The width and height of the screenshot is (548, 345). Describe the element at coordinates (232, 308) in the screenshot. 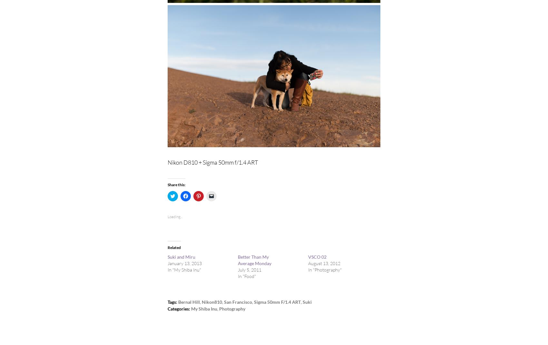

I see `'Photography'` at that location.